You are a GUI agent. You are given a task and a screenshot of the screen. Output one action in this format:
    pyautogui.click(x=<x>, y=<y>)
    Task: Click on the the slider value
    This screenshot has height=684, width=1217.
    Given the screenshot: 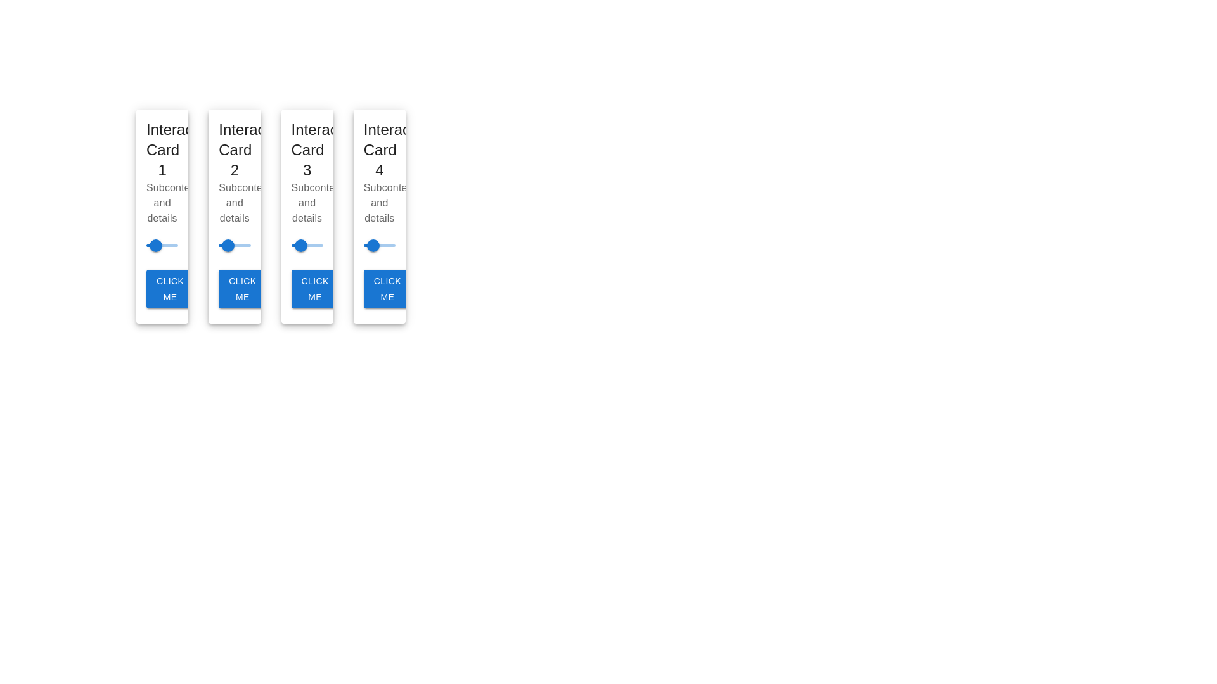 What is the action you would take?
    pyautogui.click(x=314, y=246)
    